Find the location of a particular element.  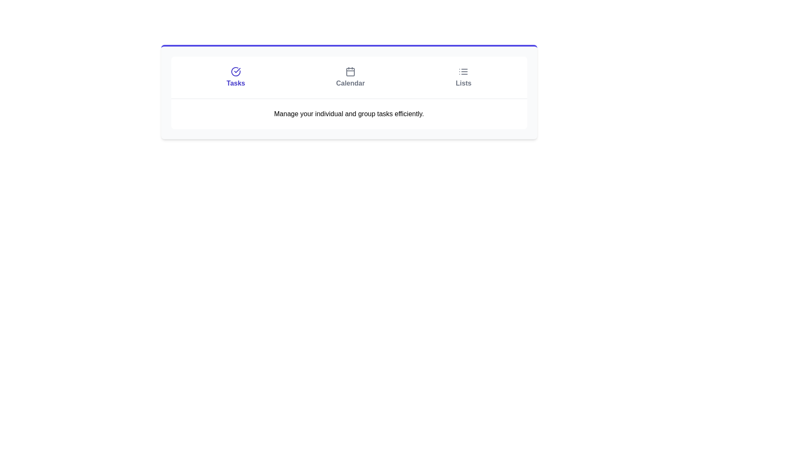

the interactive navigation button labeled 'Lists', which features an icon of three horizontal lines above the text is located at coordinates (463, 78).